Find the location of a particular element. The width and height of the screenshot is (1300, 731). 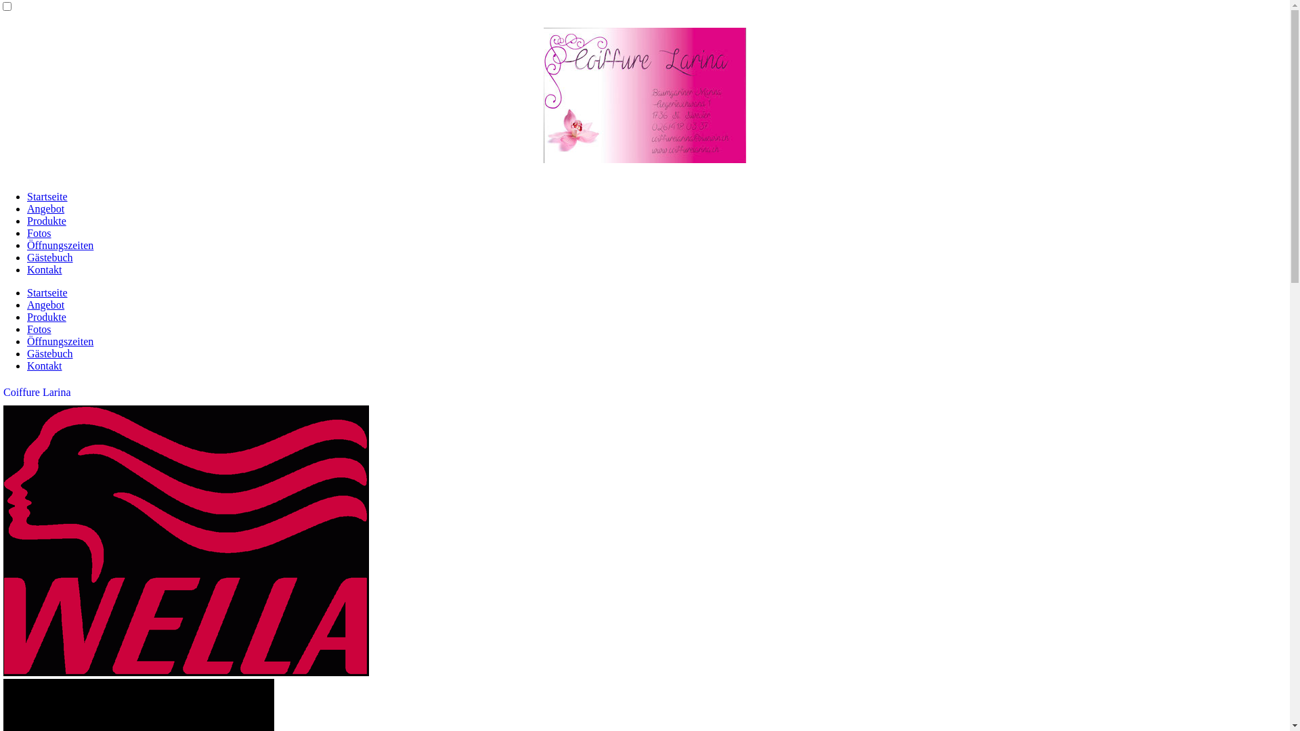

'Produkte' is located at coordinates (26, 317).